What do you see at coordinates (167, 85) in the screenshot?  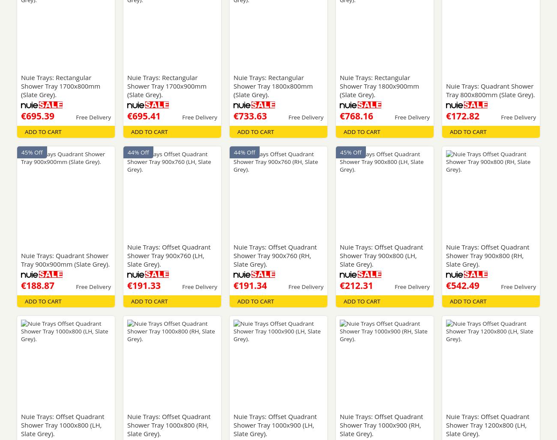 I see `'Nuie Trays: Rectangular Shower Tray 1700x900mm (Slate Grey).'` at bounding box center [167, 85].